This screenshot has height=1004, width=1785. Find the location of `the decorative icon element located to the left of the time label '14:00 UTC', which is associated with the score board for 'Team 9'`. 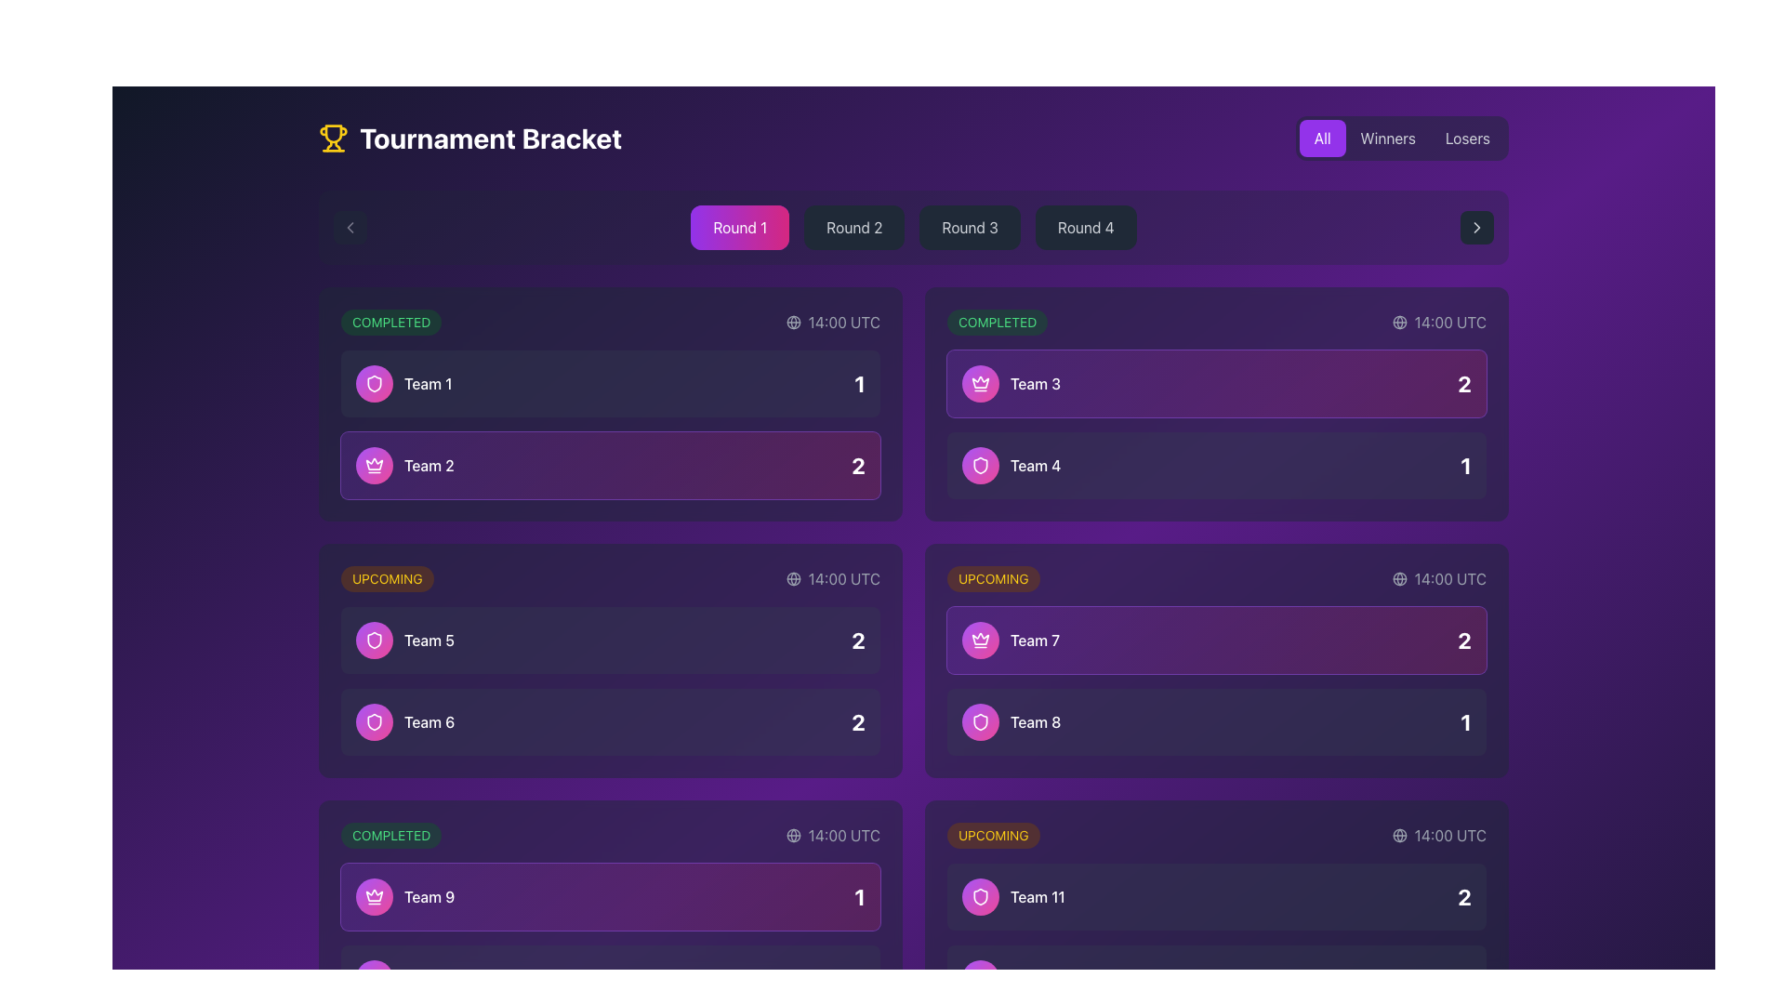

the decorative icon element located to the left of the time label '14:00 UTC', which is associated with the score board for 'Team 9' is located at coordinates (793, 834).